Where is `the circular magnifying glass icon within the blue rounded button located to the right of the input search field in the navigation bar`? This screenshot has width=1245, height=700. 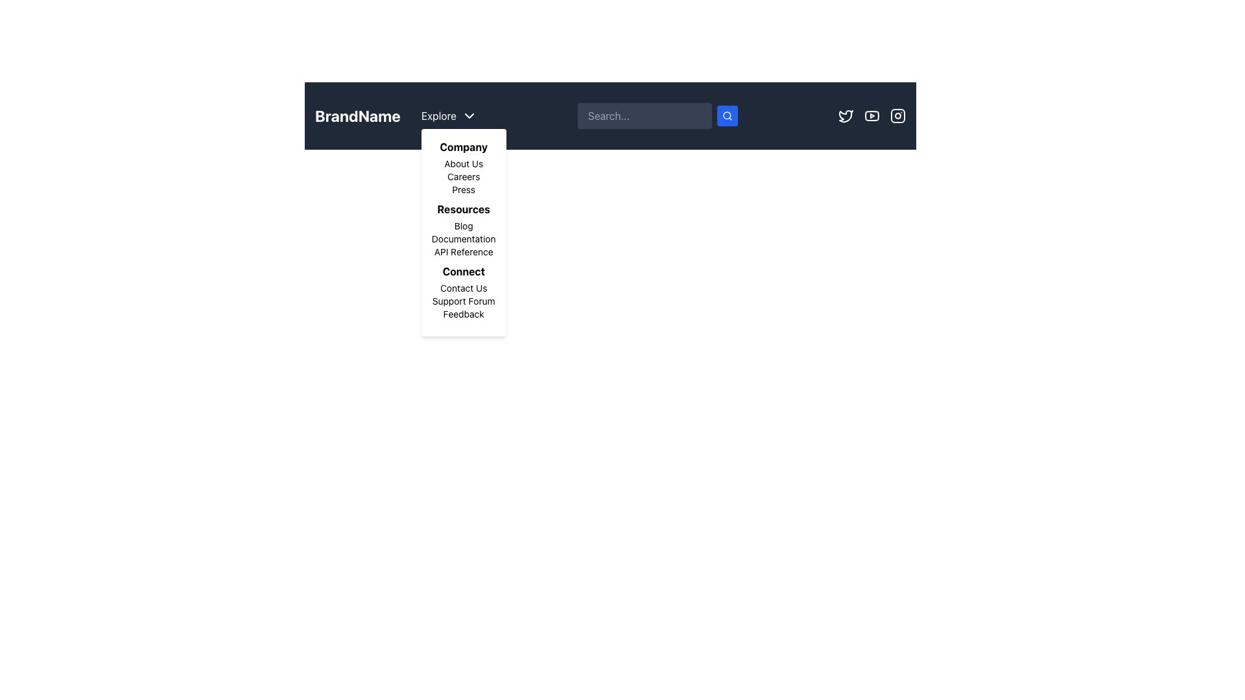
the circular magnifying glass icon within the blue rounded button located to the right of the input search field in the navigation bar is located at coordinates (727, 115).